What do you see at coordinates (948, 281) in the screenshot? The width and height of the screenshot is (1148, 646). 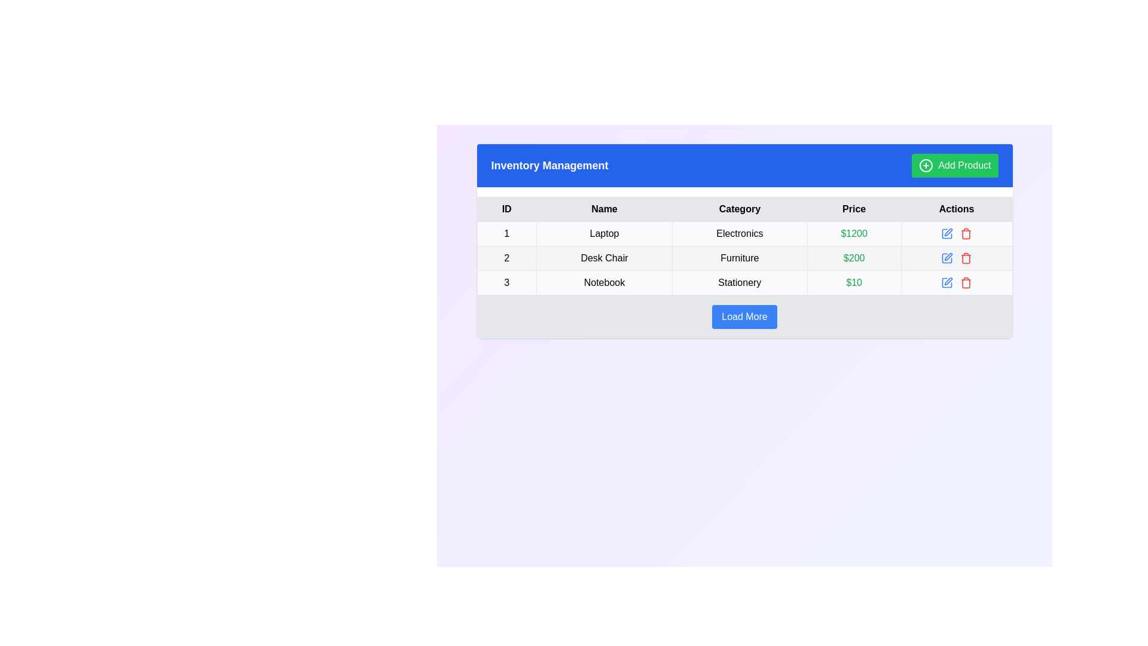 I see `the Edit button (pen icon) located in the Actions column of the third row, aligned with the Notebook entry` at bounding box center [948, 281].